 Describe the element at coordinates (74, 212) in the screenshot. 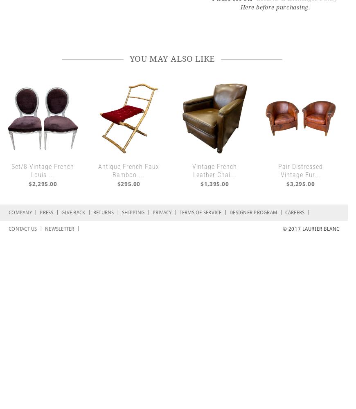

I see `'Give Back'` at that location.